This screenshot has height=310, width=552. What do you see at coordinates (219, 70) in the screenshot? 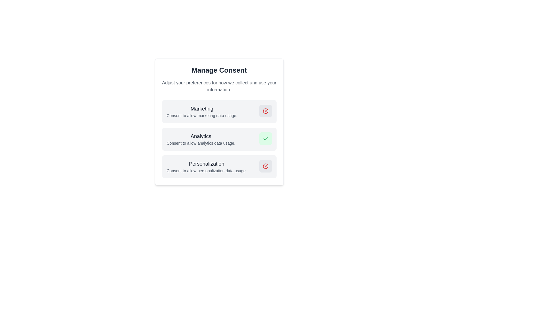
I see `the static text element that displays 'Manage Consent', which is a bold, large-sized header centered within a white card background` at bounding box center [219, 70].